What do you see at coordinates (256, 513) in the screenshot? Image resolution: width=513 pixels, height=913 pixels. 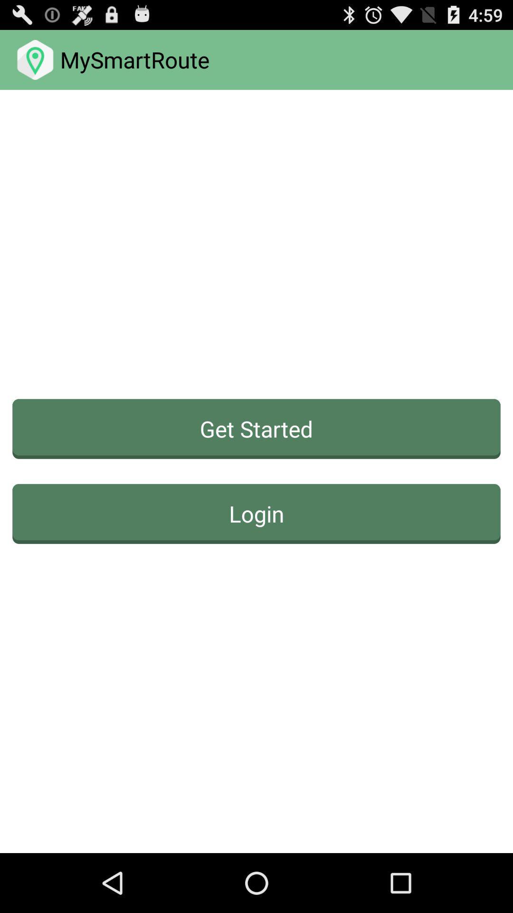 I see `the button below the get started item` at bounding box center [256, 513].